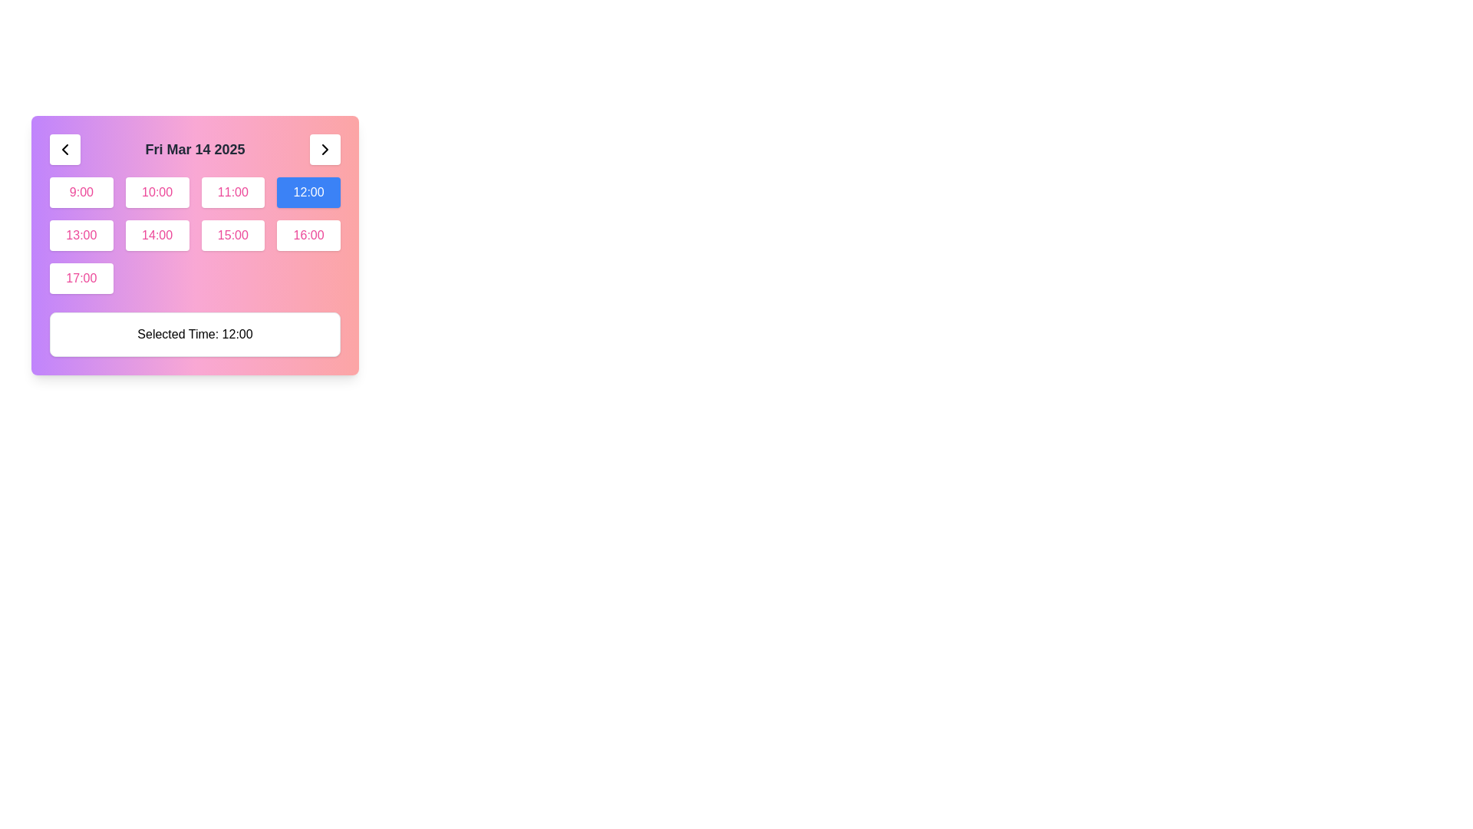 Image resolution: width=1473 pixels, height=829 pixels. What do you see at coordinates (81, 278) in the screenshot?
I see `the rectangular button with rounded corners, a white background, and pink text displaying '17:00'` at bounding box center [81, 278].